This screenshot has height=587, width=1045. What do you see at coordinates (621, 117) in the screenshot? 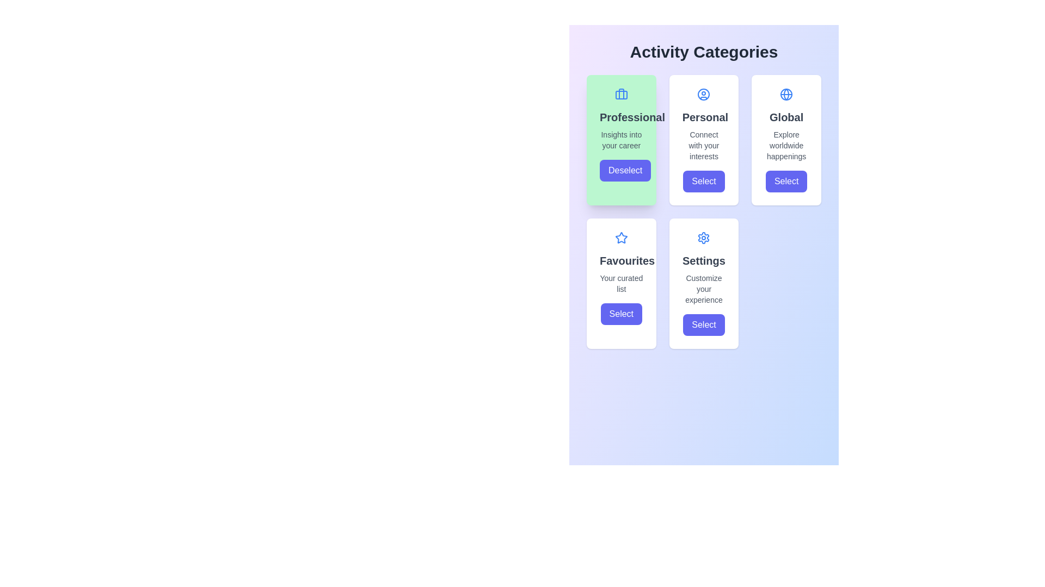
I see `the text label 'Professional', which serves as a heading within the 'Activity Categories' panel` at bounding box center [621, 117].